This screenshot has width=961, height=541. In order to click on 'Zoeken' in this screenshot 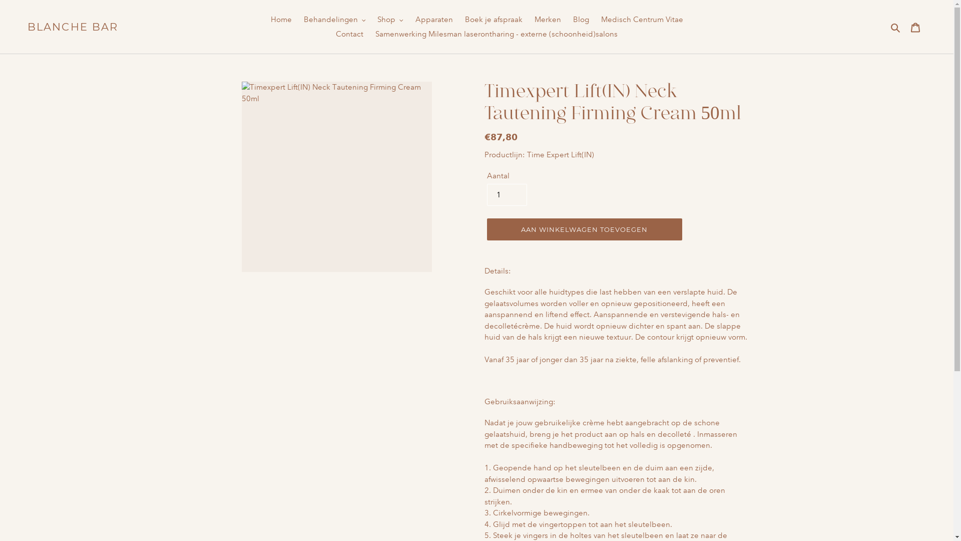, I will do `click(896, 26)`.